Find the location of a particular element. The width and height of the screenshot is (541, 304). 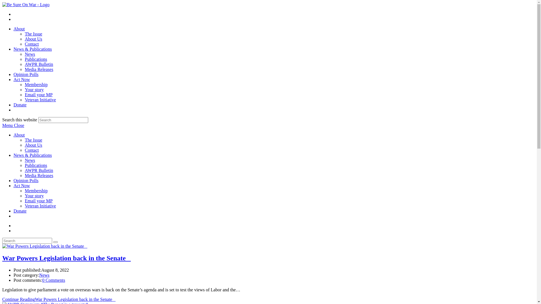

'0 Comments' is located at coordinates (54, 280).